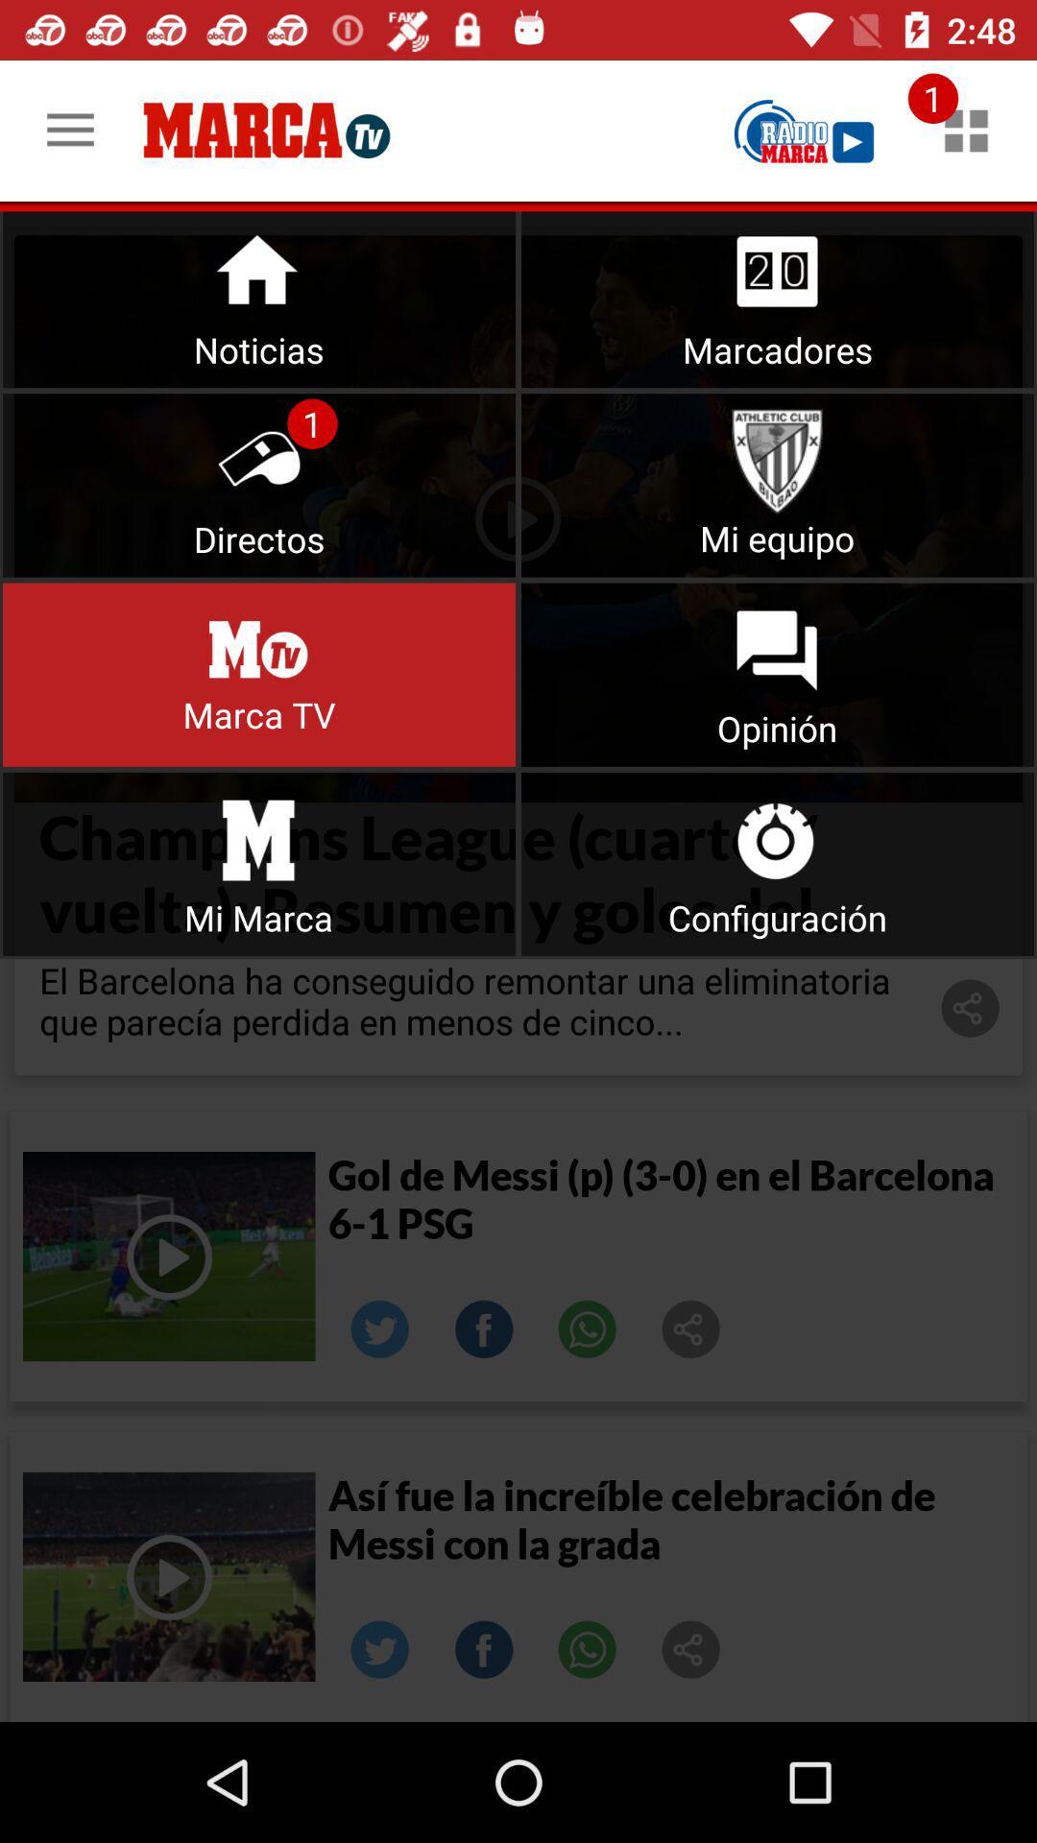 Image resolution: width=1037 pixels, height=1843 pixels. What do you see at coordinates (168, 1576) in the screenshot?
I see `video` at bounding box center [168, 1576].